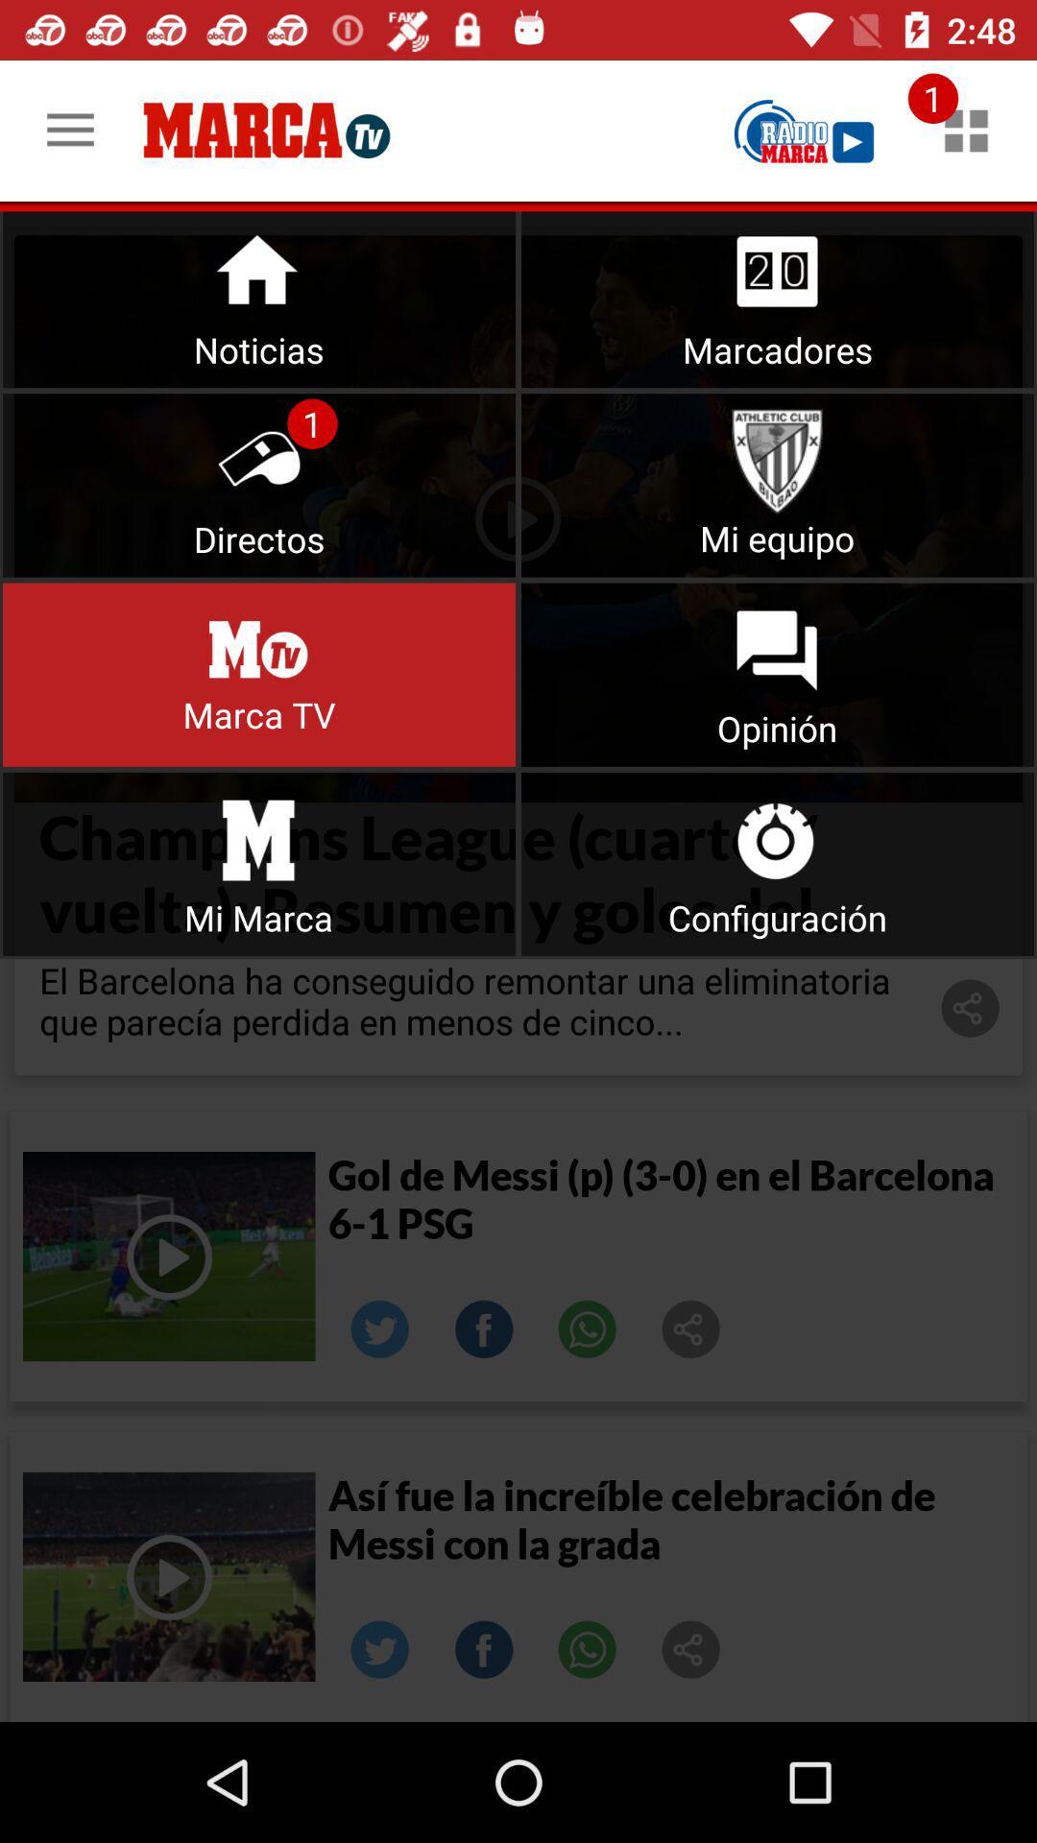 Image resolution: width=1037 pixels, height=1843 pixels. What do you see at coordinates (168, 1576) in the screenshot?
I see `video` at bounding box center [168, 1576].